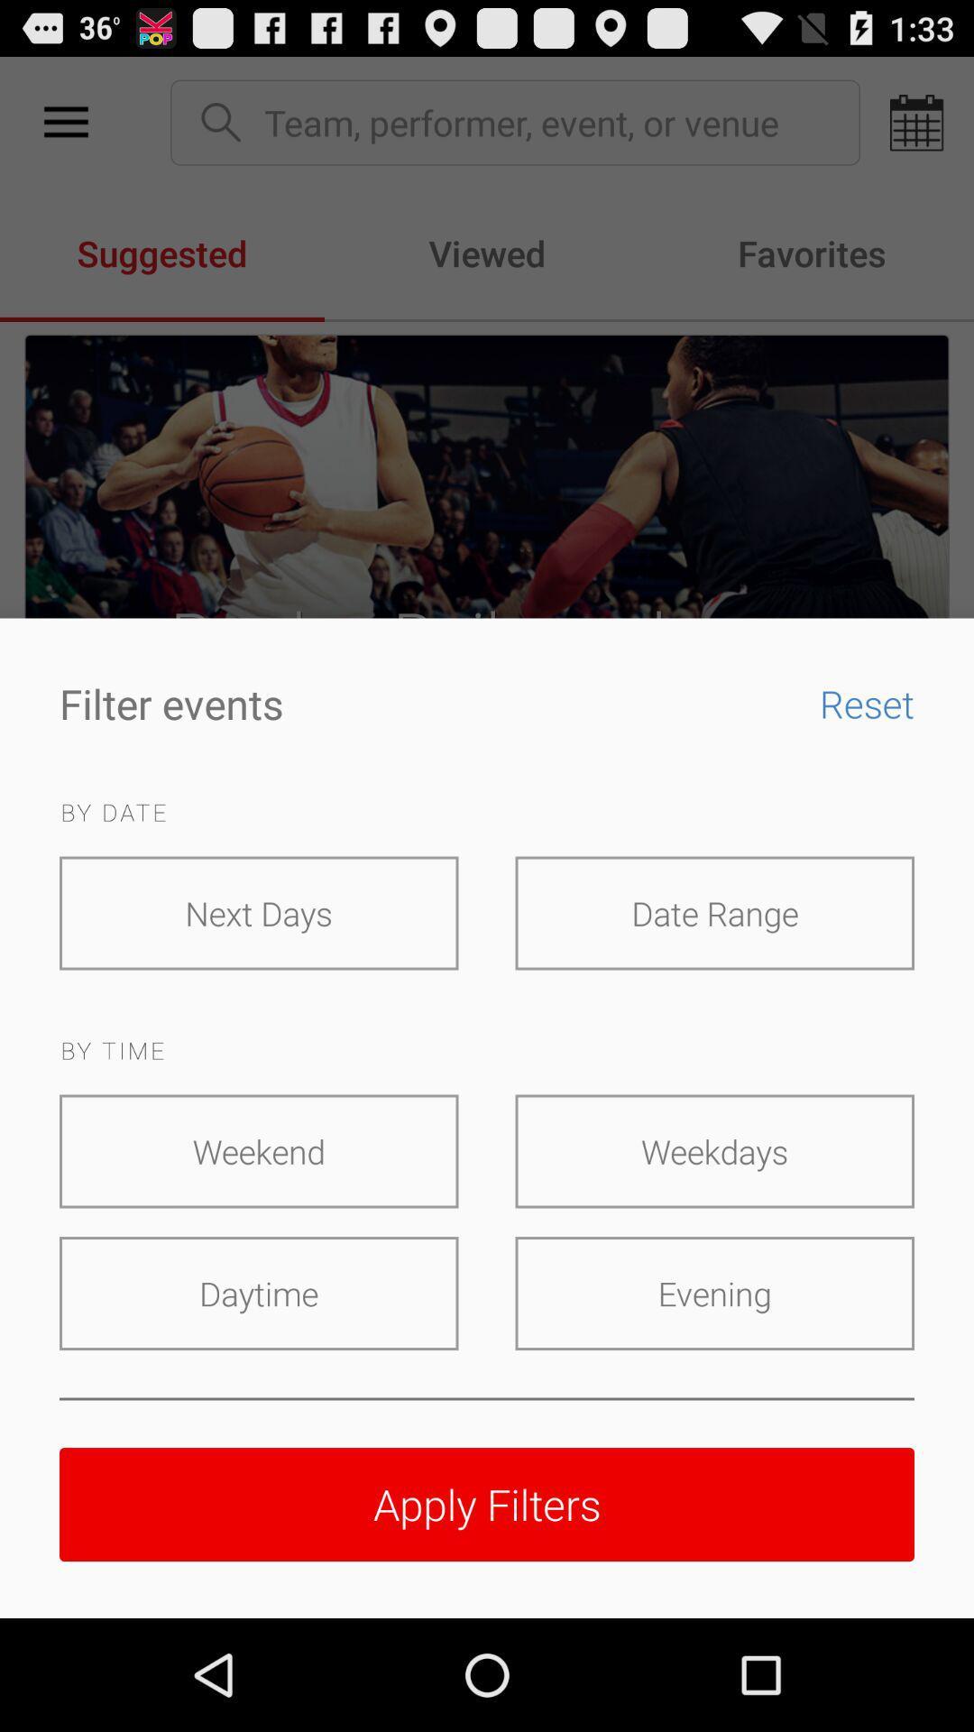  What do you see at coordinates (713, 1293) in the screenshot?
I see `evening item` at bounding box center [713, 1293].